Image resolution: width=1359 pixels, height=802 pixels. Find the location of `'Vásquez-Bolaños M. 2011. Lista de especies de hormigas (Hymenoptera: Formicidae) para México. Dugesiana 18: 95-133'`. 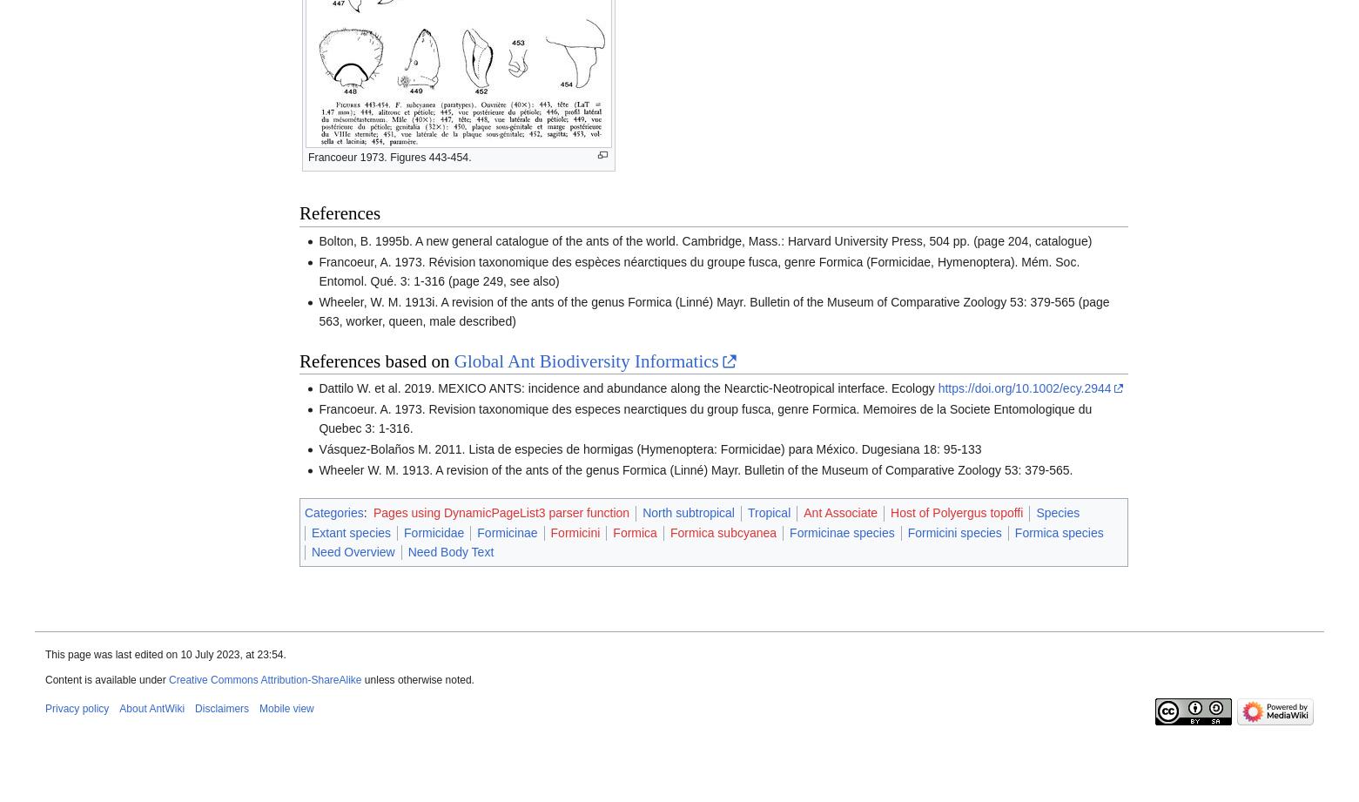

'Vásquez-Bolaños M. 2011. Lista de especies de hormigas (Hymenoptera: Formicidae) para México. Dugesiana 18: 95-133' is located at coordinates (649, 448).